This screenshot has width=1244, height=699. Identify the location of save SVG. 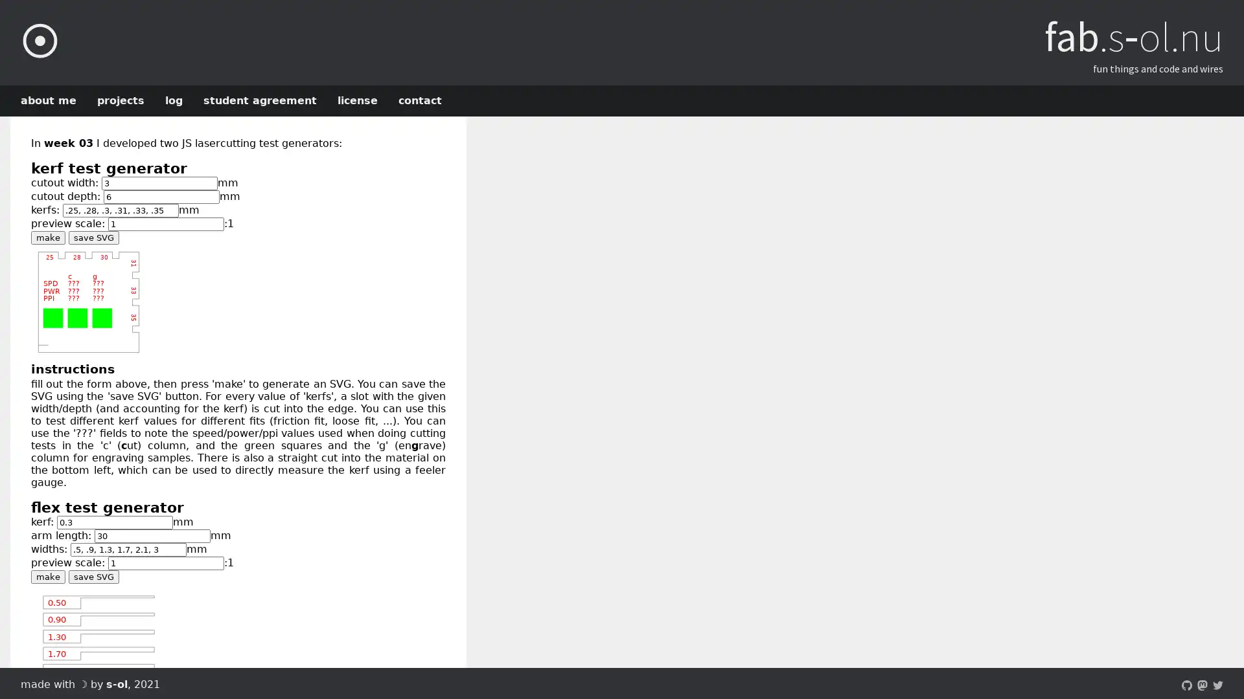
(93, 238).